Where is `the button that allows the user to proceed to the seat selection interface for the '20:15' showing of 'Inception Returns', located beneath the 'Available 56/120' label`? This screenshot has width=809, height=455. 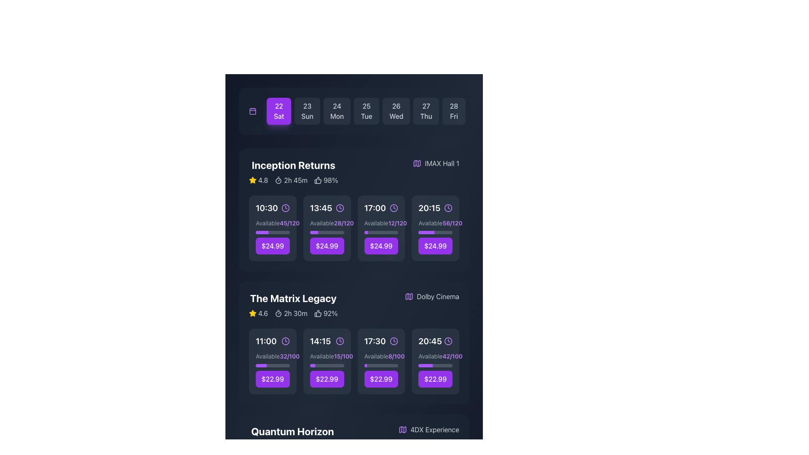 the button that allows the user to proceed to the seat selection interface for the '20:15' showing of 'Inception Returns', located beneath the 'Available 56/120' label is located at coordinates (435, 228).